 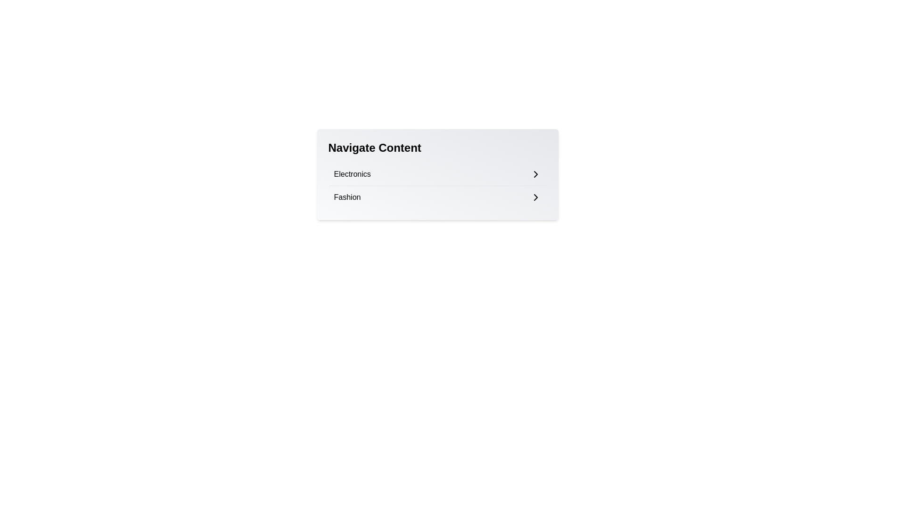 I want to click on the 'Fashion' navigation button located directly below the 'Electronics' item in the menu to change its background, so click(x=437, y=197).